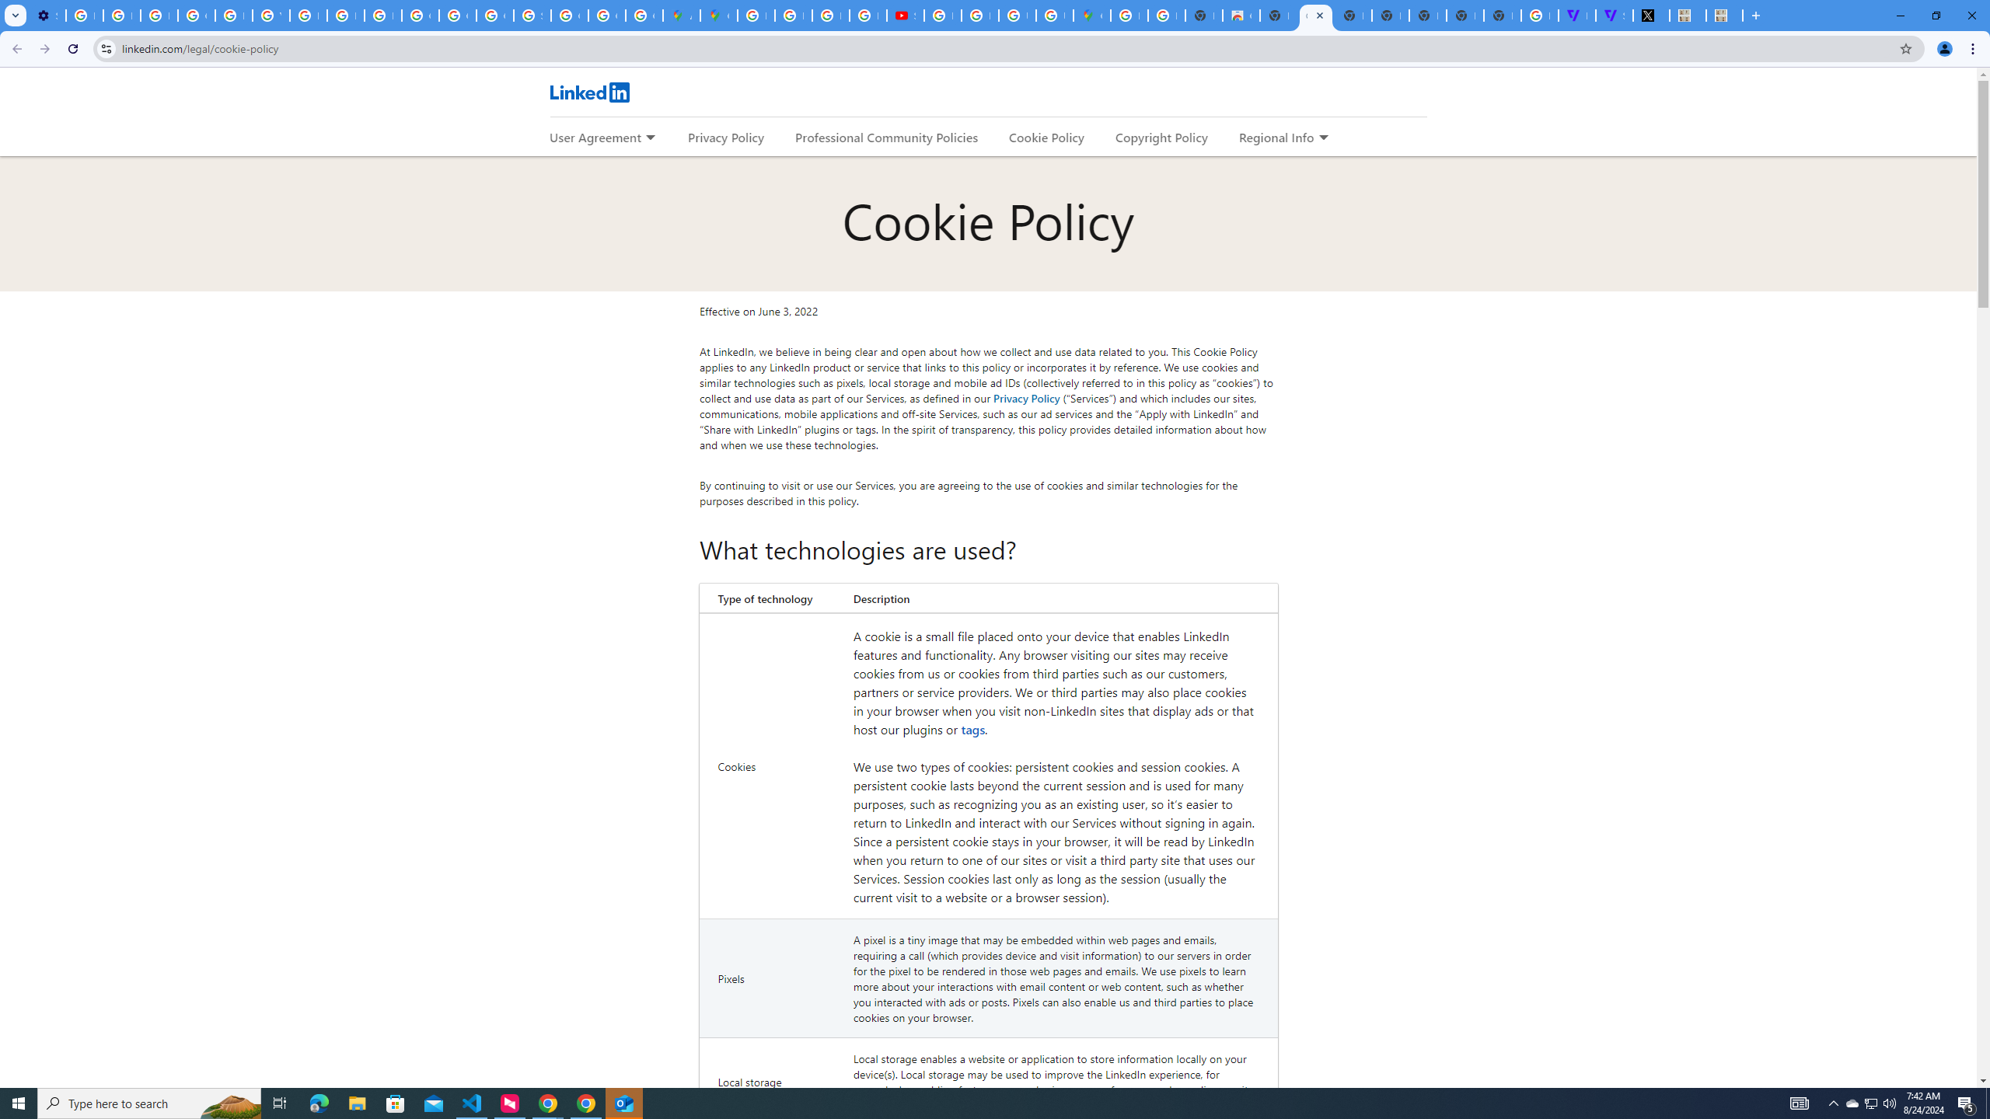  What do you see at coordinates (232, 15) in the screenshot?
I see `'Privacy Help Center - Policies Help'` at bounding box center [232, 15].